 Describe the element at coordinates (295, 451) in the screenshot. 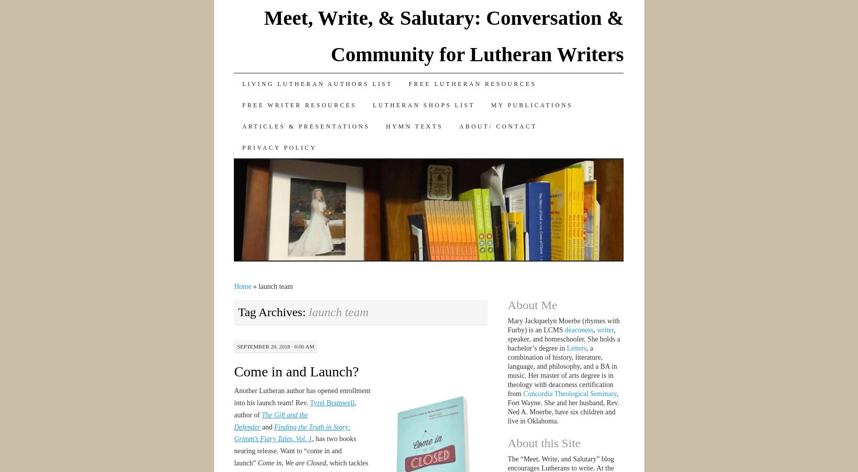

I see `'has two books nearing release. Want to “come in and launch”'` at that location.